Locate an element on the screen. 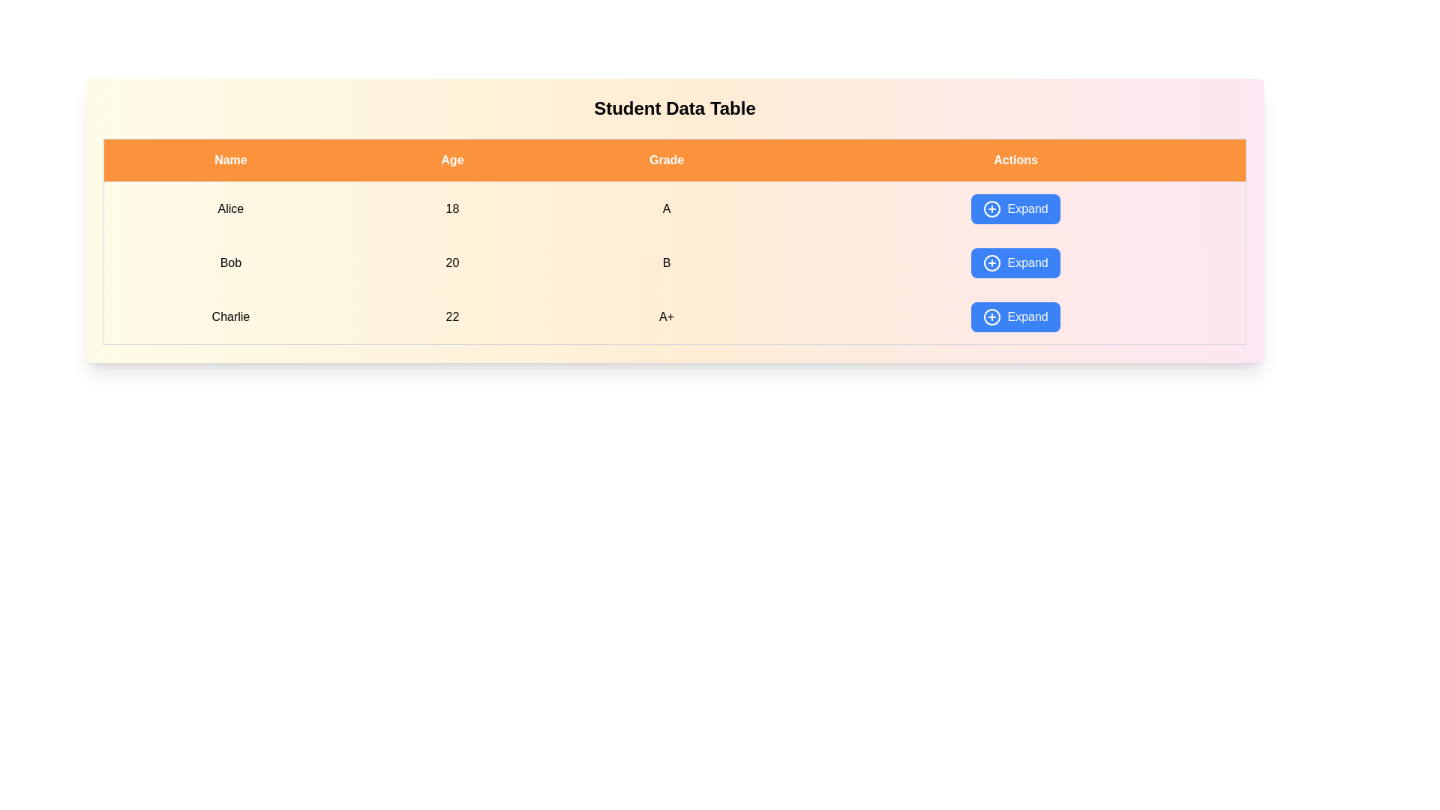 Image resolution: width=1440 pixels, height=810 pixels. the text label displaying the grade for the student 'Alice' in the 'Grade' column of the table is located at coordinates (666, 208).